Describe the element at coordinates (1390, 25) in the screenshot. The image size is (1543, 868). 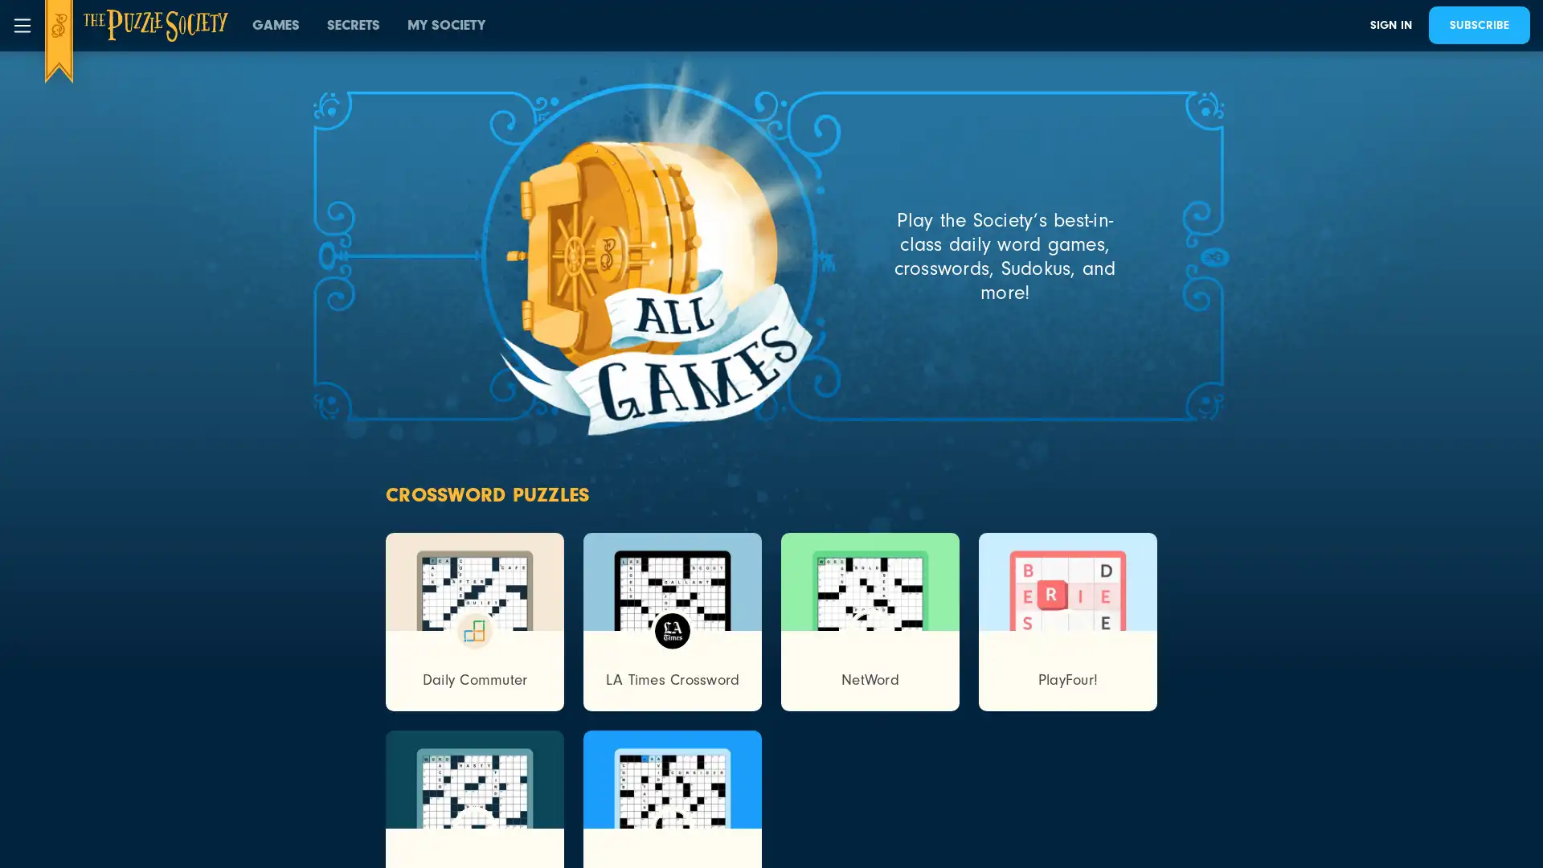
I see `SIGN IN` at that location.